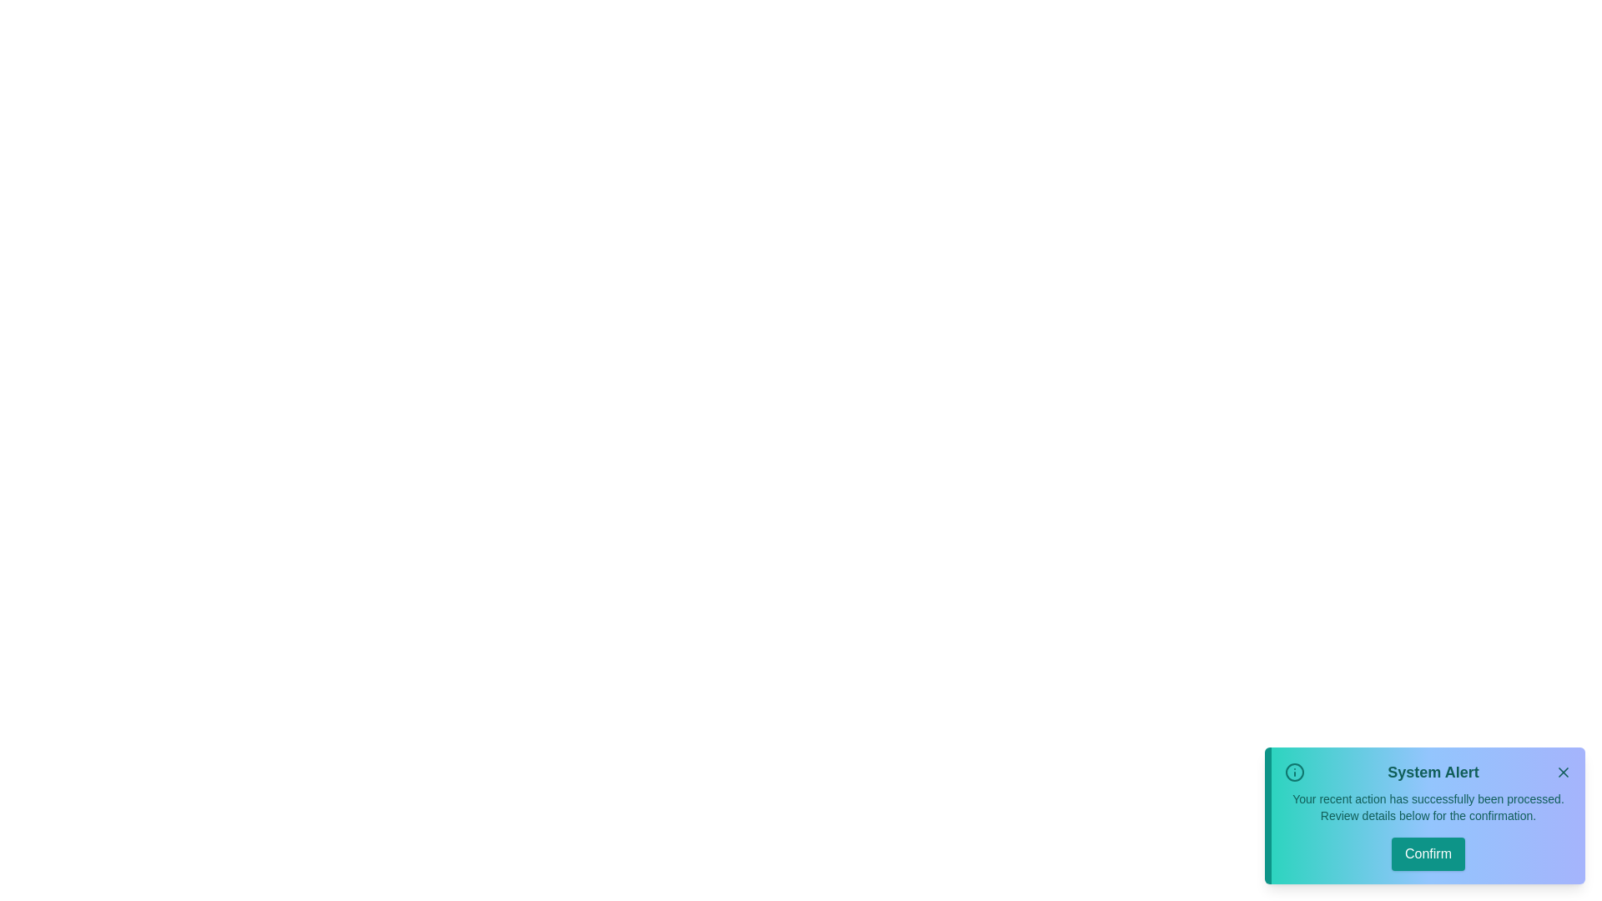 This screenshot has height=901, width=1602. I want to click on the close button (X) to close the alert, so click(1562, 772).